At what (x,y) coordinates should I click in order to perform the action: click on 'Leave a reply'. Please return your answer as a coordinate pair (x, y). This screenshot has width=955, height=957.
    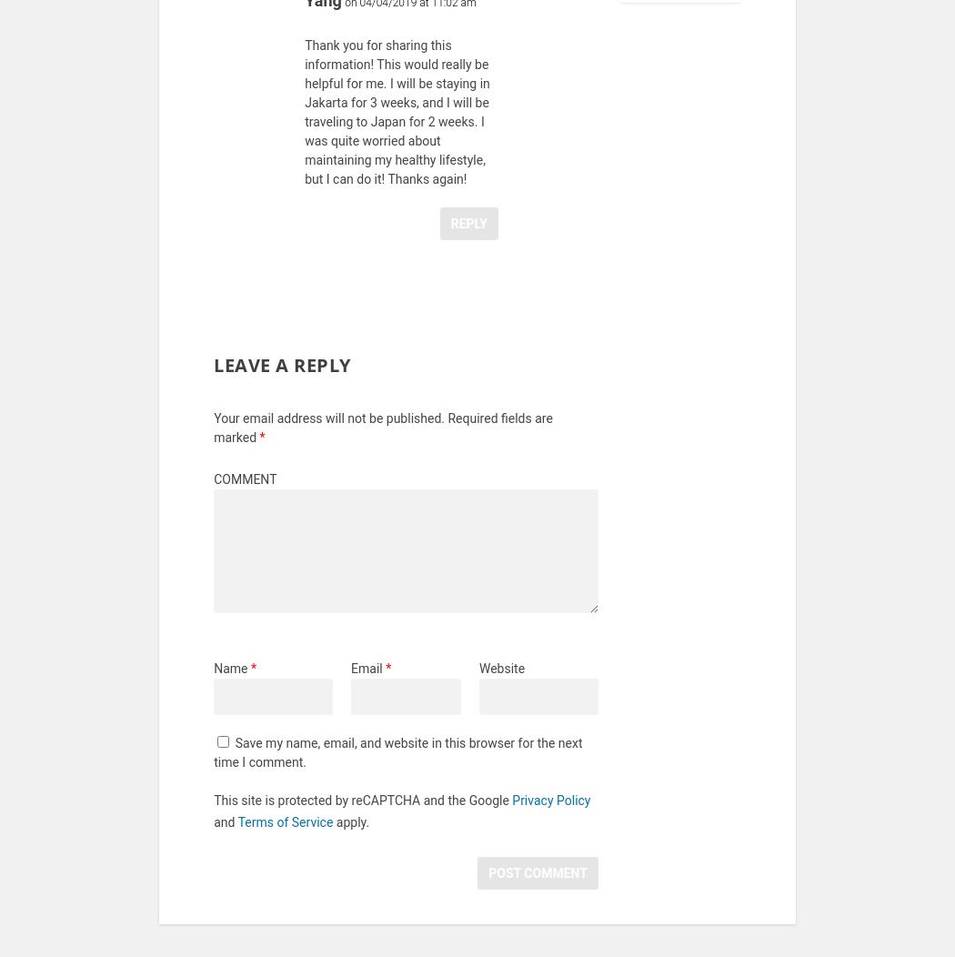
    Looking at the image, I should click on (281, 376).